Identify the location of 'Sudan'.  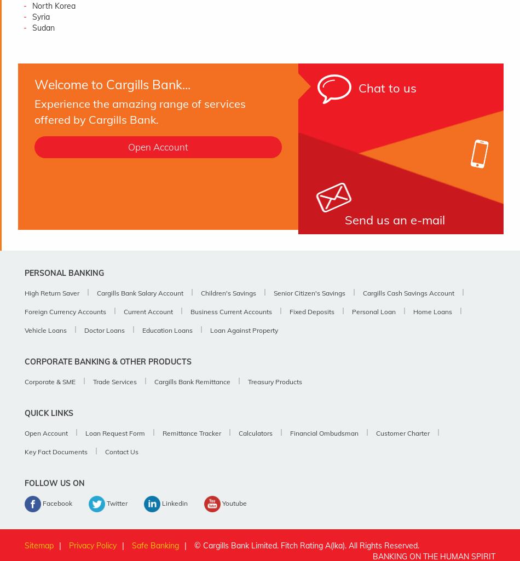
(43, 27).